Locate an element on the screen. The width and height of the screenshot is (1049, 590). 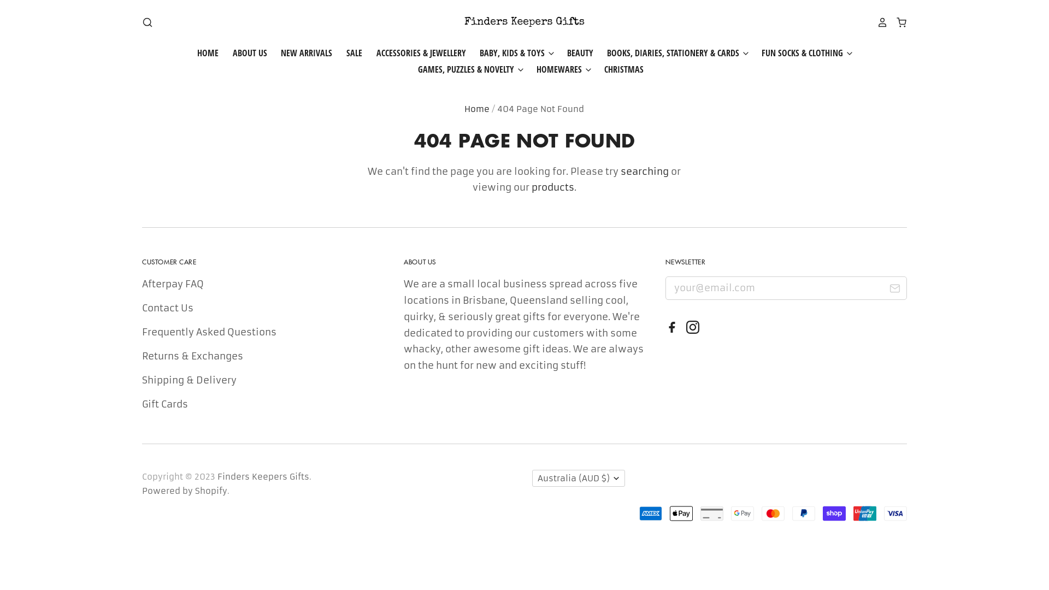
'CHRISTMAS' is located at coordinates (590, 69).